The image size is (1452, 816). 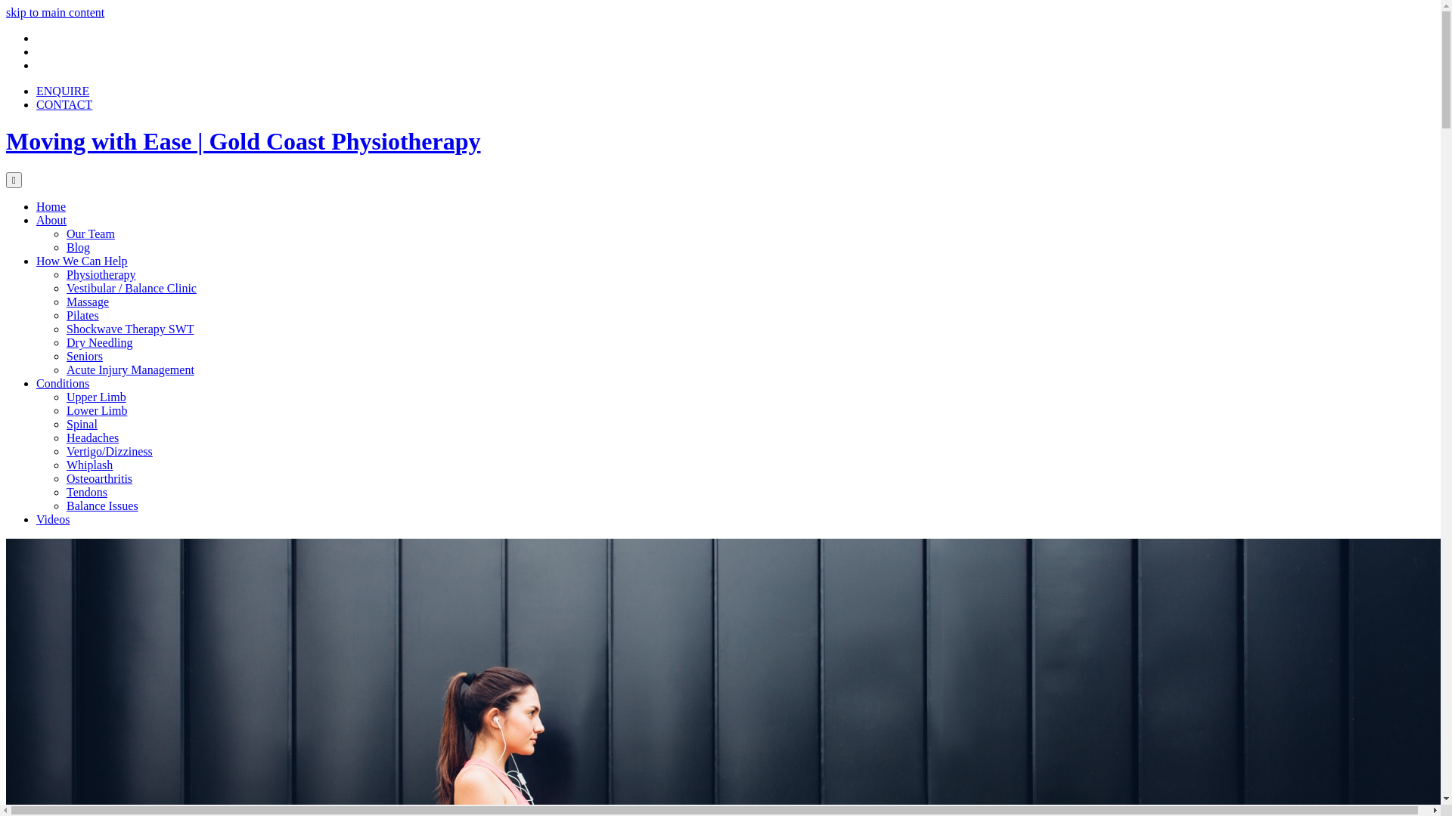 I want to click on 'About', so click(x=51, y=220).